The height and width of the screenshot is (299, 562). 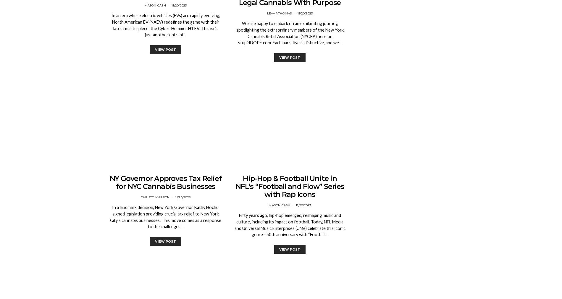 I want to click on 'NY Governor Approves Tax Relief for NYC Cannabis Businesses', so click(x=165, y=182).